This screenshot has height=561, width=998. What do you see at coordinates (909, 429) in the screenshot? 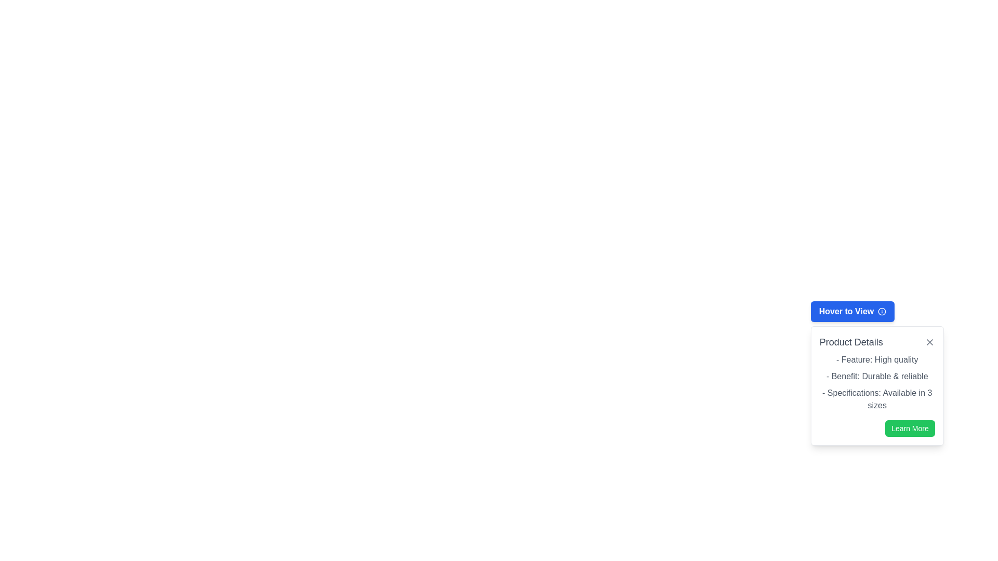
I see `the 'Learn More' button located at the bottom-right of the 'Product Details' card` at bounding box center [909, 429].